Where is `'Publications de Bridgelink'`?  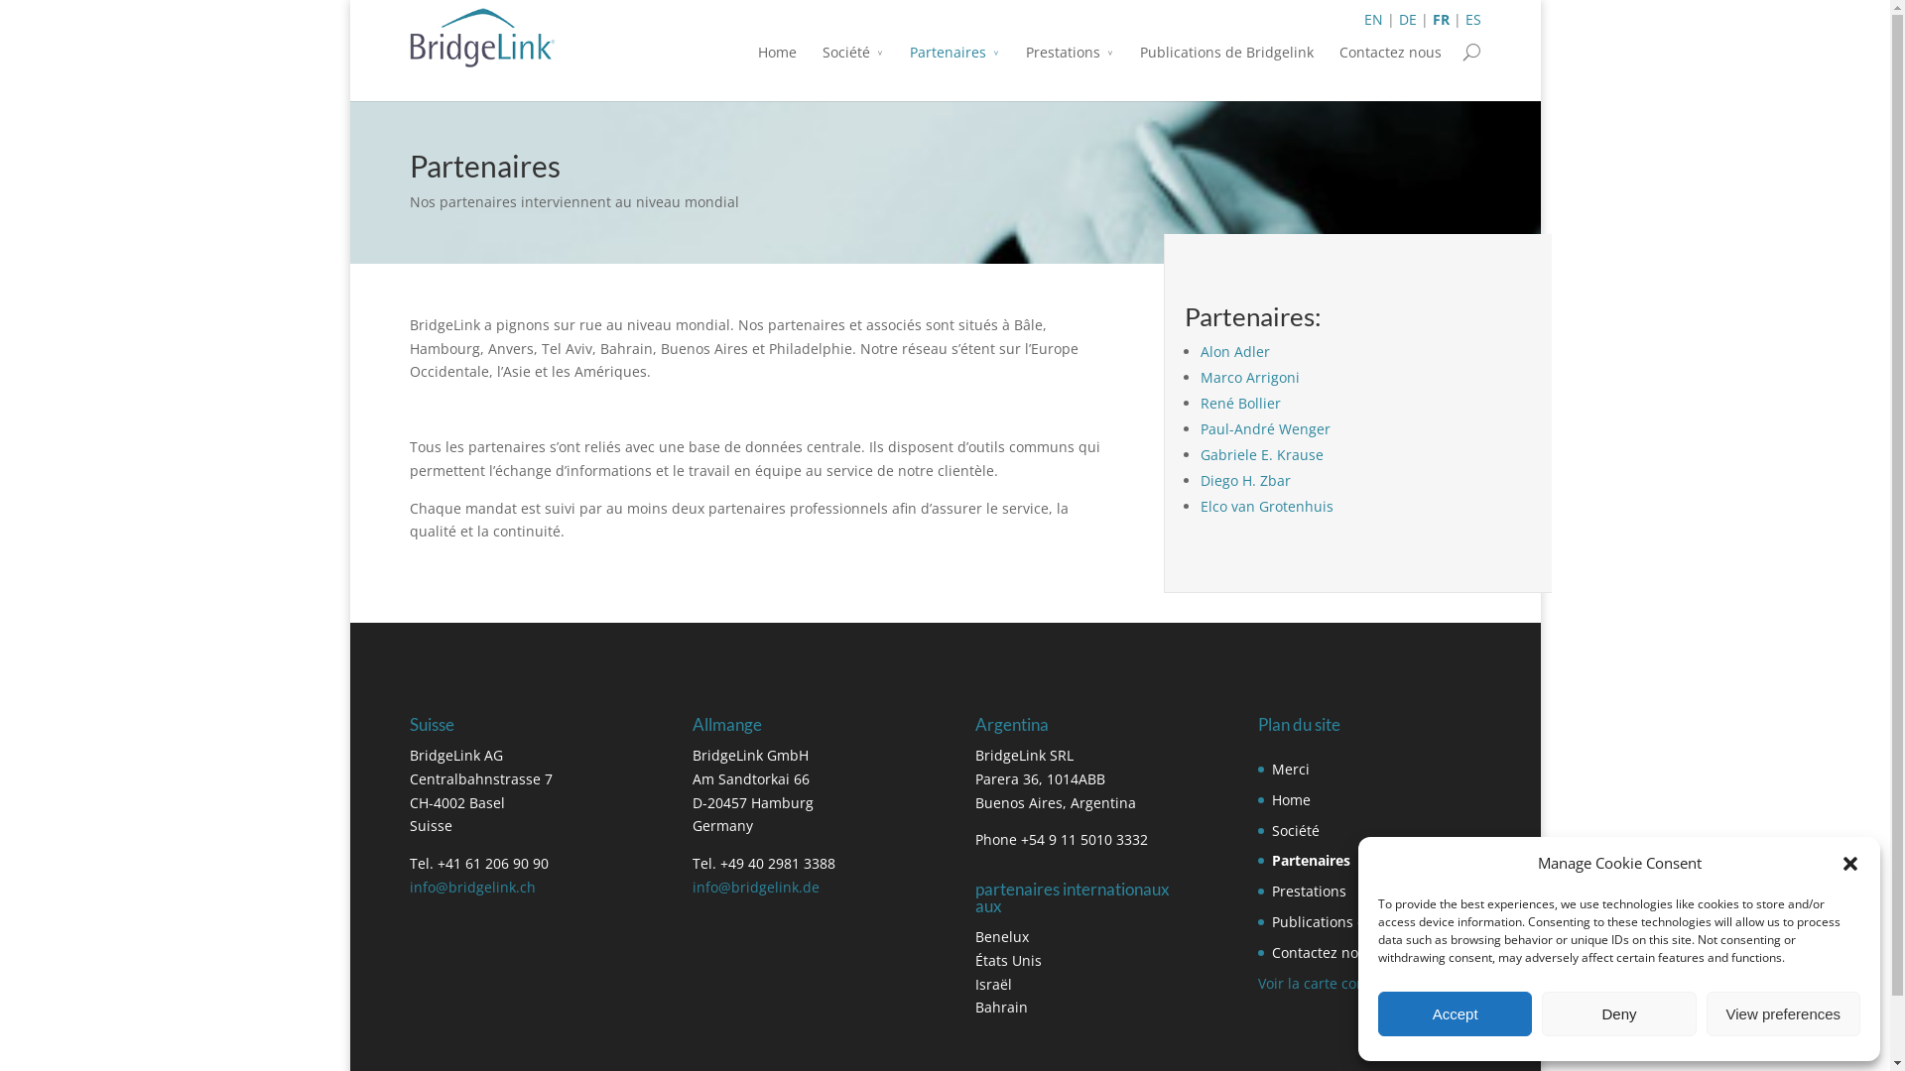
'Publications de Bridgelink' is located at coordinates (1224, 64).